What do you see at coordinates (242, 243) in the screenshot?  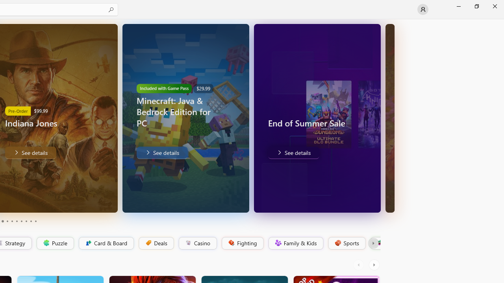 I see `'Fighting'` at bounding box center [242, 243].